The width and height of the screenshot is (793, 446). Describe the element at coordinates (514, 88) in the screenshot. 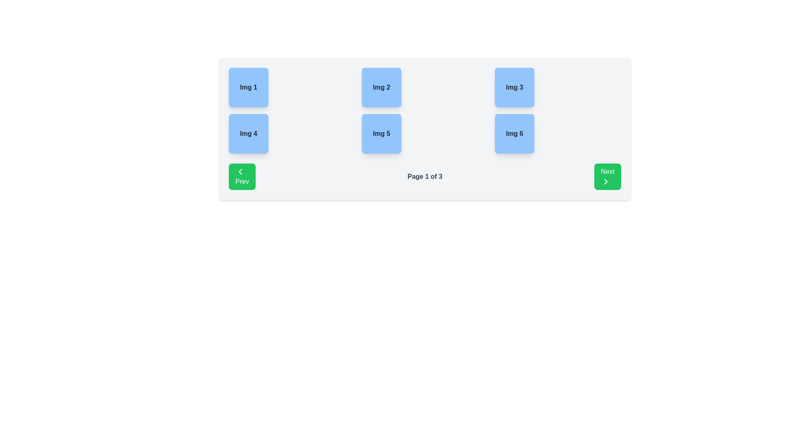

I see `the blue square tile labeled 'Img 3' with rounded corners` at that location.